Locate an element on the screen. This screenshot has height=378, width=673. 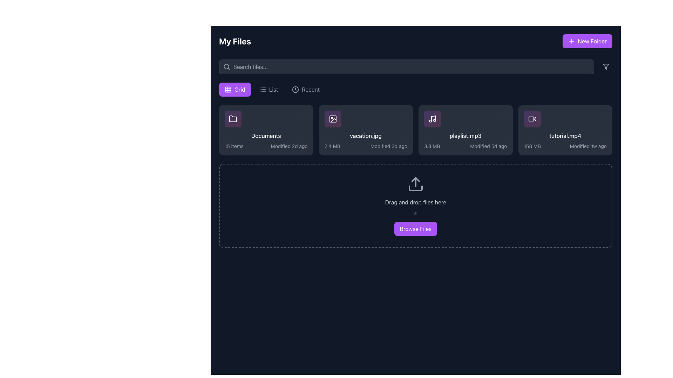
the triangular-shaped icon representing the top of a funnel, which is located in the top-right corner of the interface near the 'New Folder' button is located at coordinates (605, 67).